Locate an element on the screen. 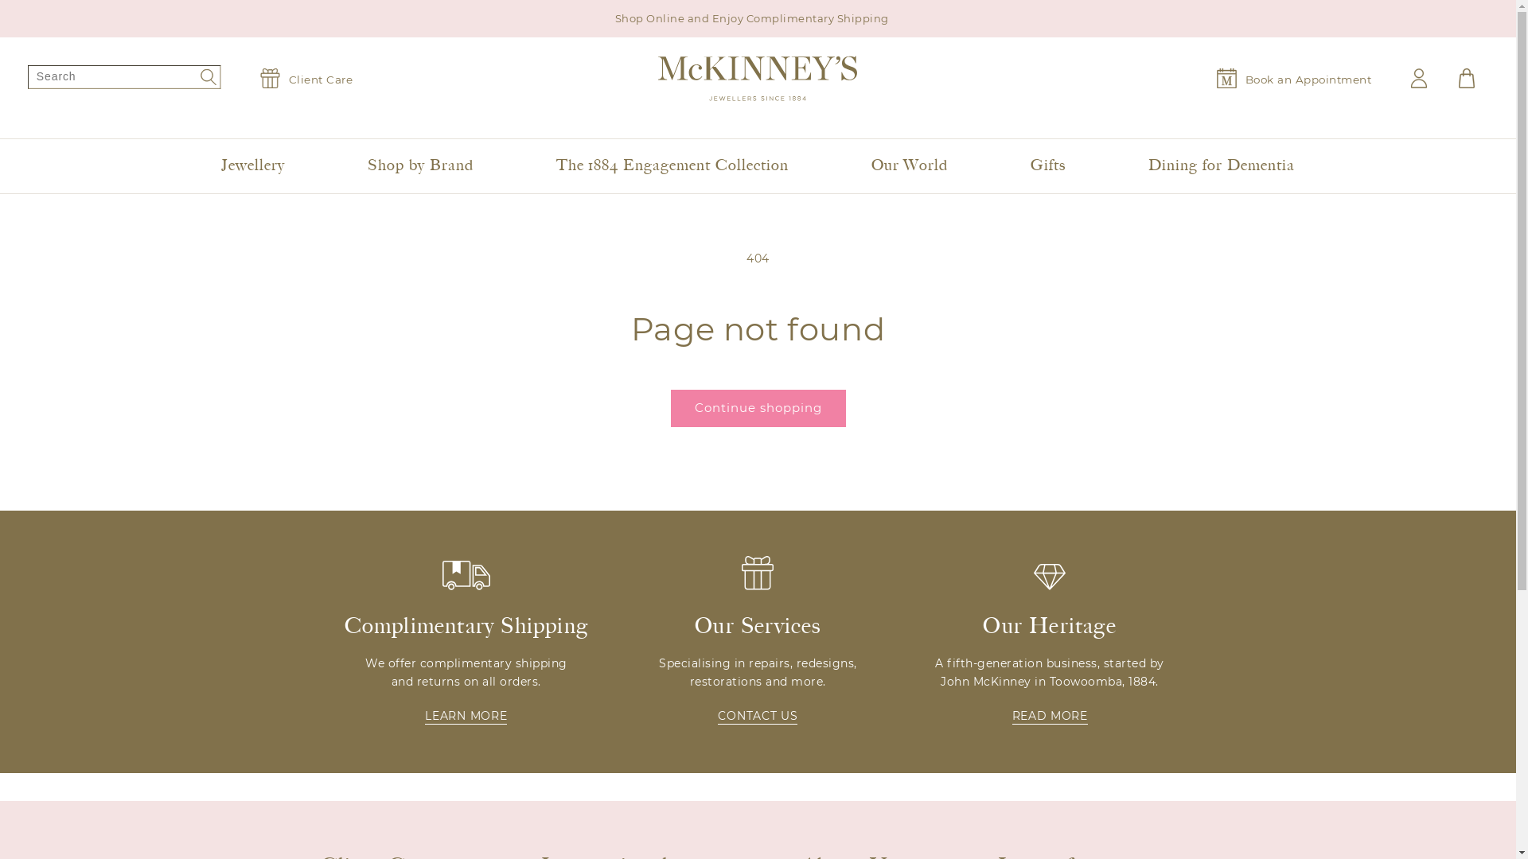  'Continue shopping' is located at coordinates (756, 407).